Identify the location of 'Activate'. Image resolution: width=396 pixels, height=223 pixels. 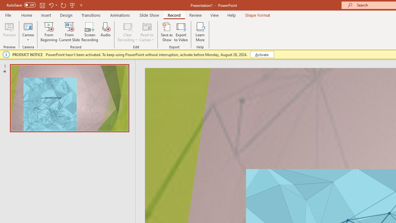
(262, 54).